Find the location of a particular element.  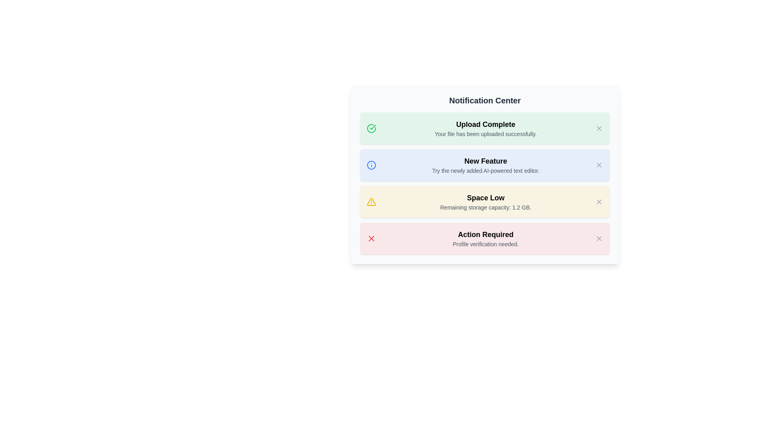

the informational text indicating remaining storage capacity located in the yellow-highlighted 'Space Low' notification block beneath the header is located at coordinates (485, 207).